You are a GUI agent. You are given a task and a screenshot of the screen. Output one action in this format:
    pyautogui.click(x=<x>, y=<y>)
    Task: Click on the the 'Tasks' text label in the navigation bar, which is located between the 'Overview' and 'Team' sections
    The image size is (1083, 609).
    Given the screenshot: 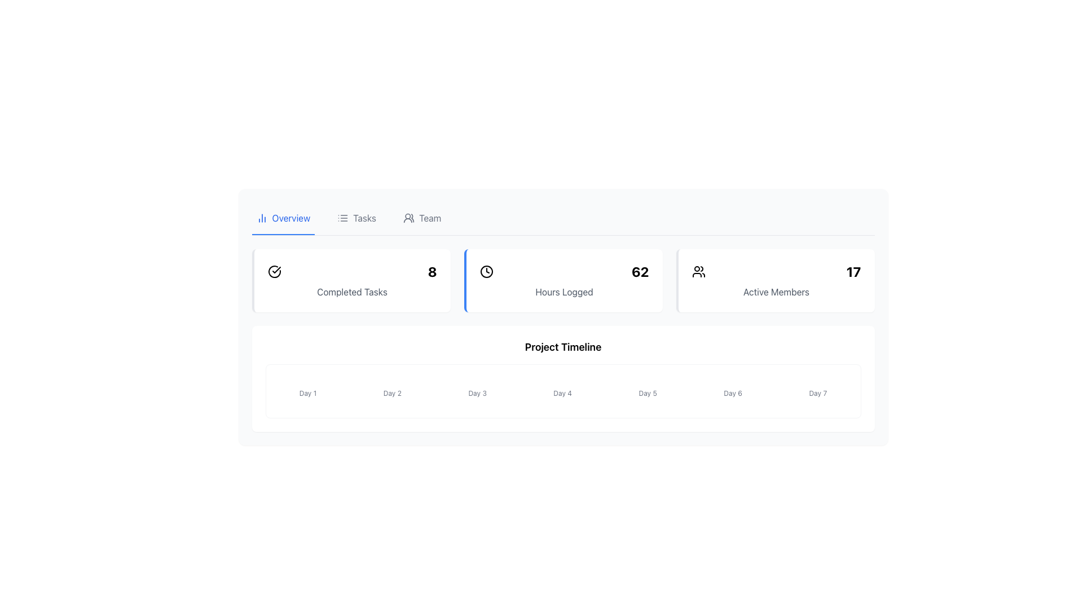 What is the action you would take?
    pyautogui.click(x=364, y=218)
    